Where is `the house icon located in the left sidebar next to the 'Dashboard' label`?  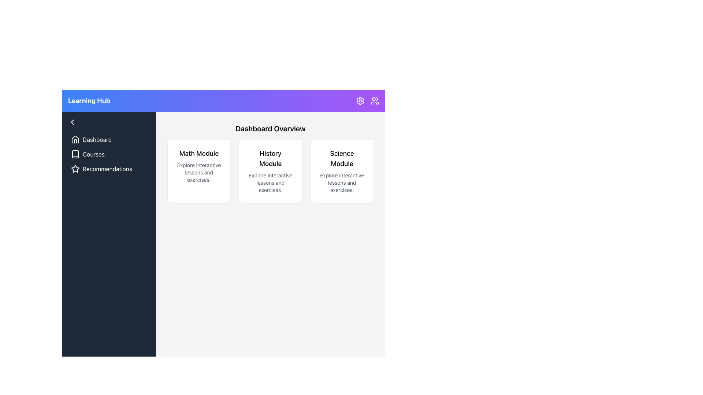
the house icon located in the left sidebar next to the 'Dashboard' label is located at coordinates (75, 139).